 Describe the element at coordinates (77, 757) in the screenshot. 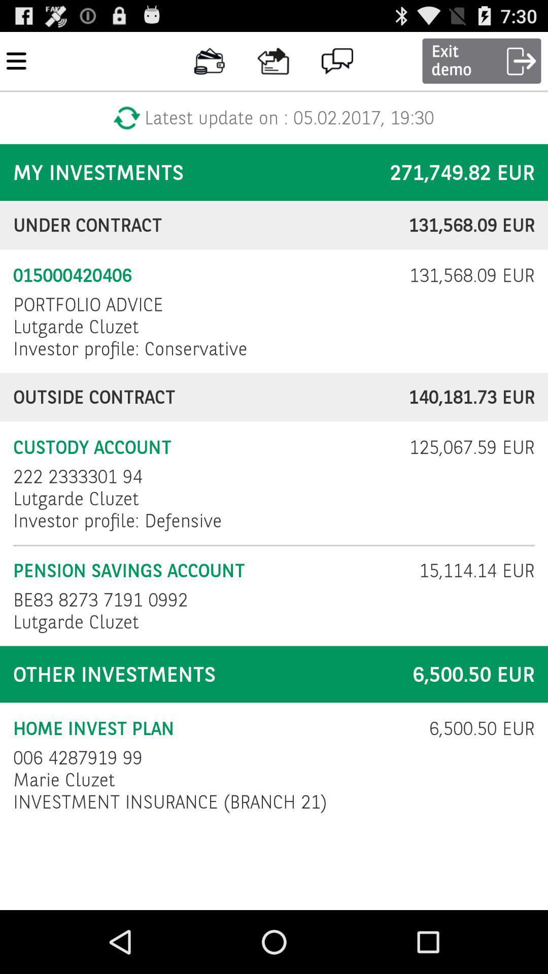

I see `item below the home invest plan icon` at that location.